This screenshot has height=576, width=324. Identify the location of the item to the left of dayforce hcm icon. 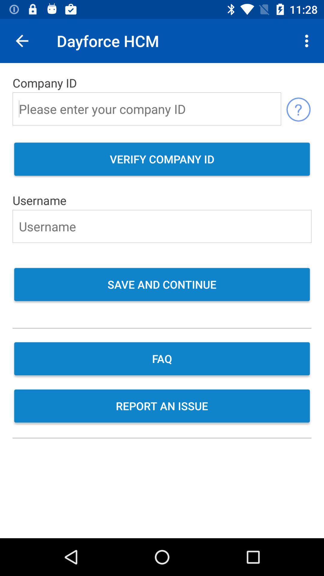
(22, 40).